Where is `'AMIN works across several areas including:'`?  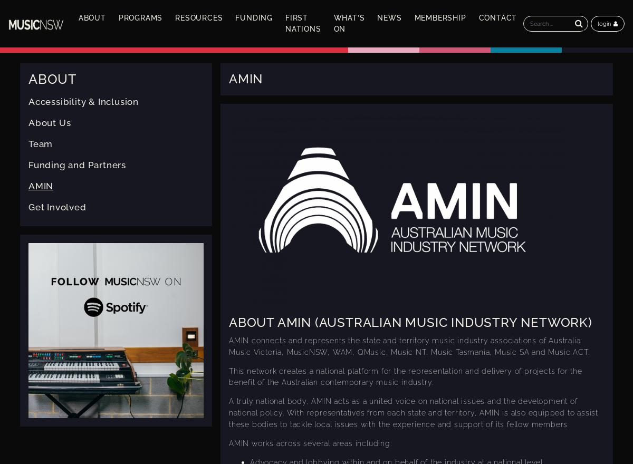 'AMIN works across several areas including:' is located at coordinates (309, 442).